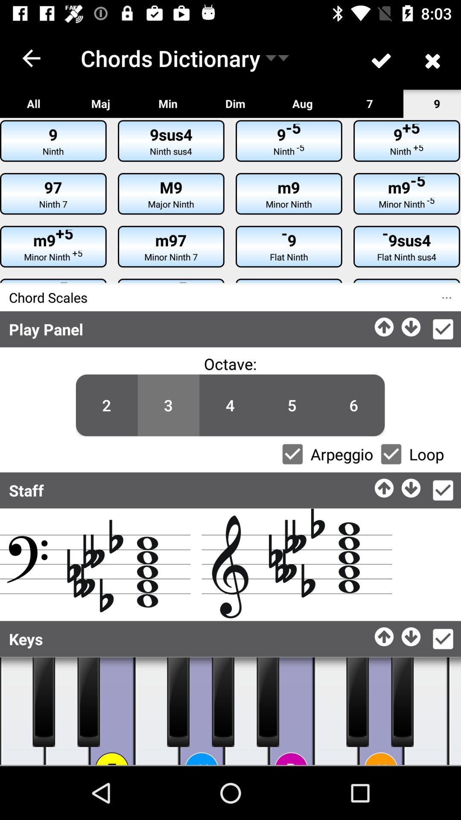  I want to click on the piano, so click(267, 702).